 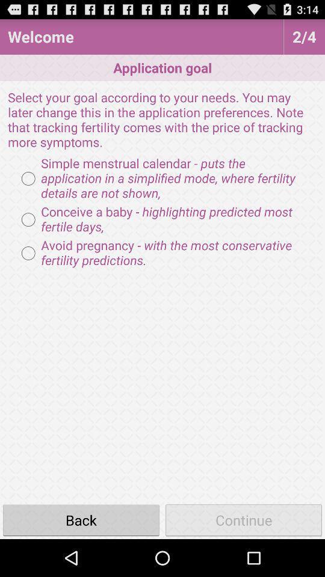 What do you see at coordinates (162, 253) in the screenshot?
I see `the item above the back` at bounding box center [162, 253].